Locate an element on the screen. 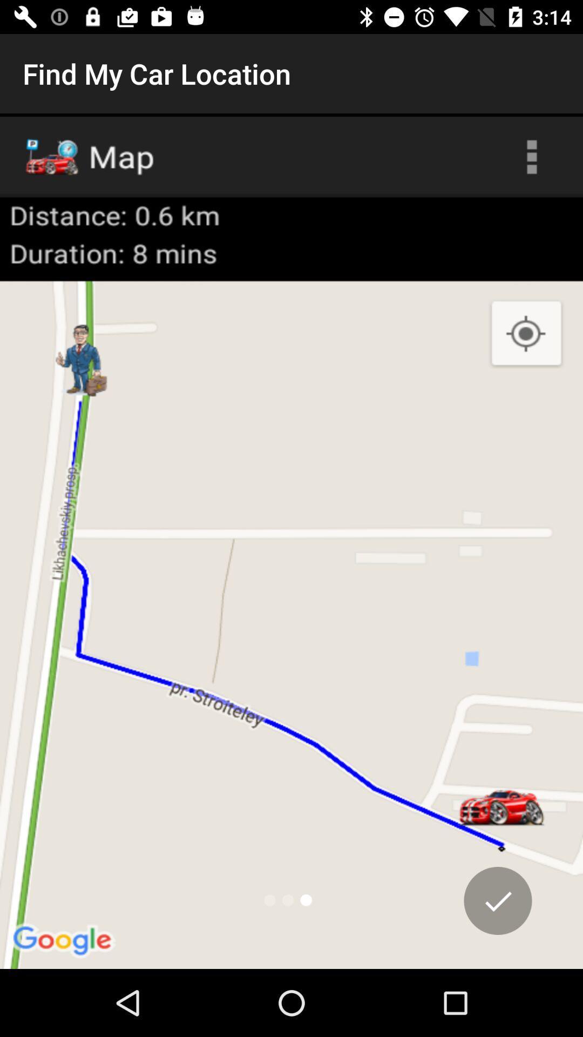 Image resolution: width=583 pixels, height=1037 pixels. the check icon is located at coordinates (498, 900).